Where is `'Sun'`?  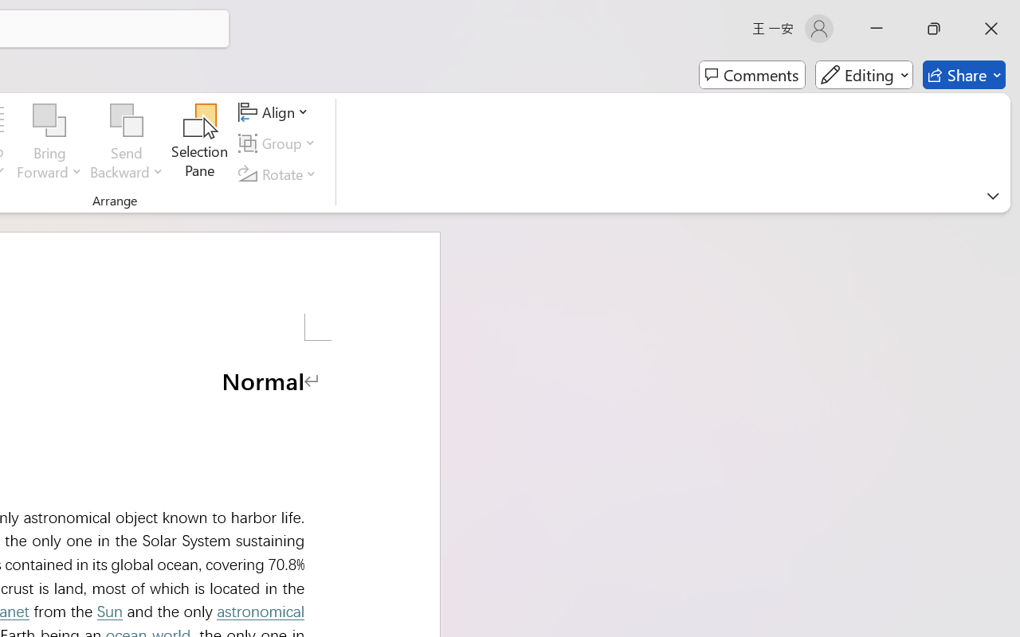 'Sun' is located at coordinates (108, 611).